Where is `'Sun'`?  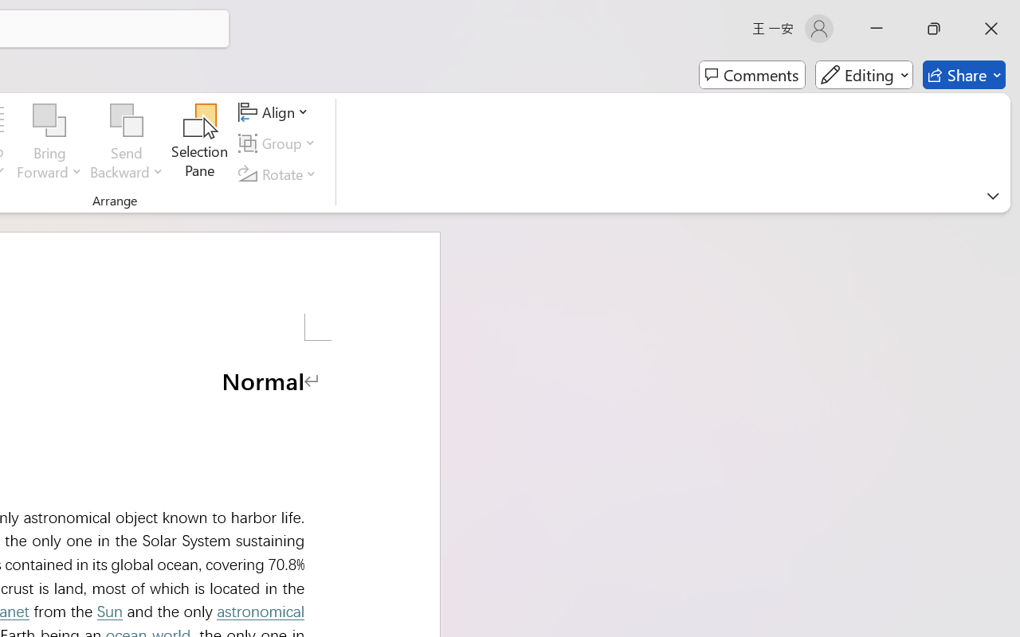 'Sun' is located at coordinates (108, 611).